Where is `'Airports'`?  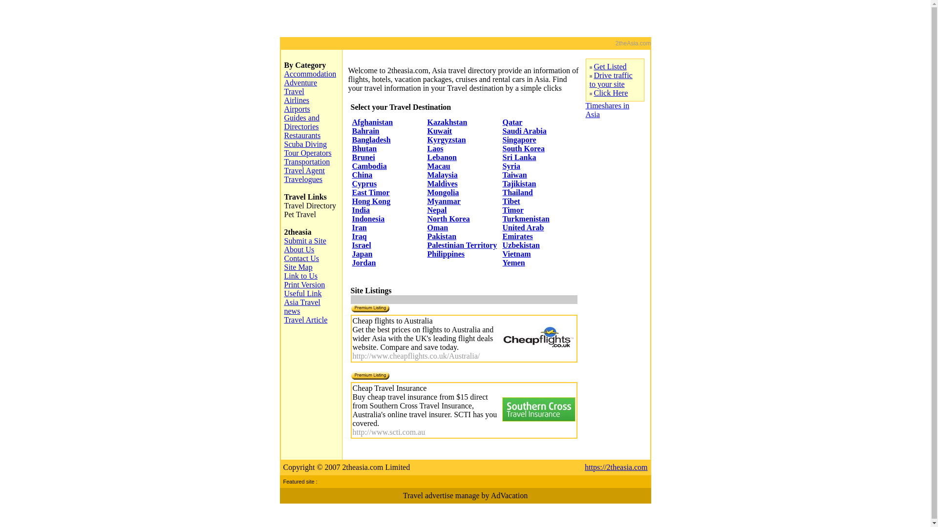 'Airports' is located at coordinates (297, 109).